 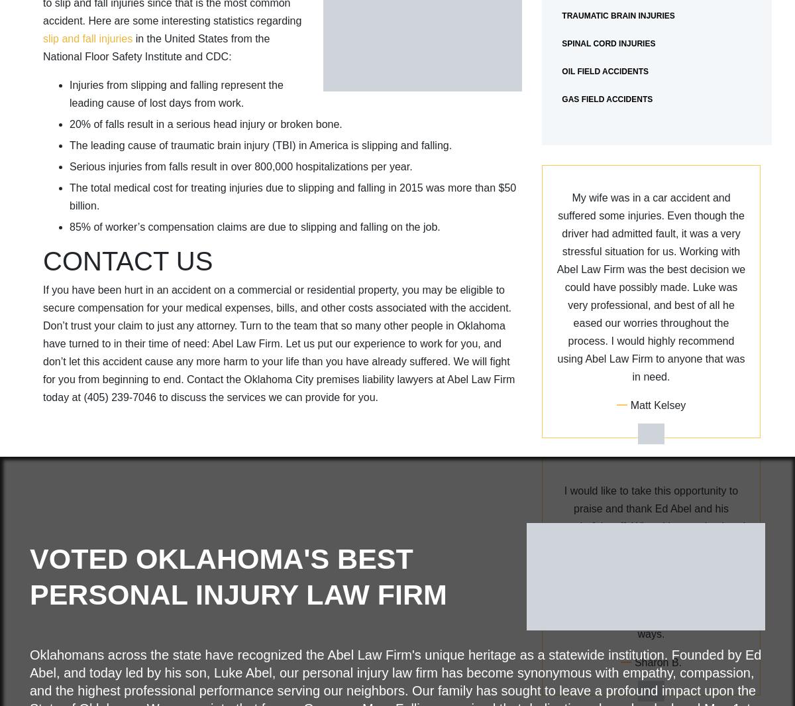 I want to click on 'Whitley Studdard', so click(x=658, y=152).